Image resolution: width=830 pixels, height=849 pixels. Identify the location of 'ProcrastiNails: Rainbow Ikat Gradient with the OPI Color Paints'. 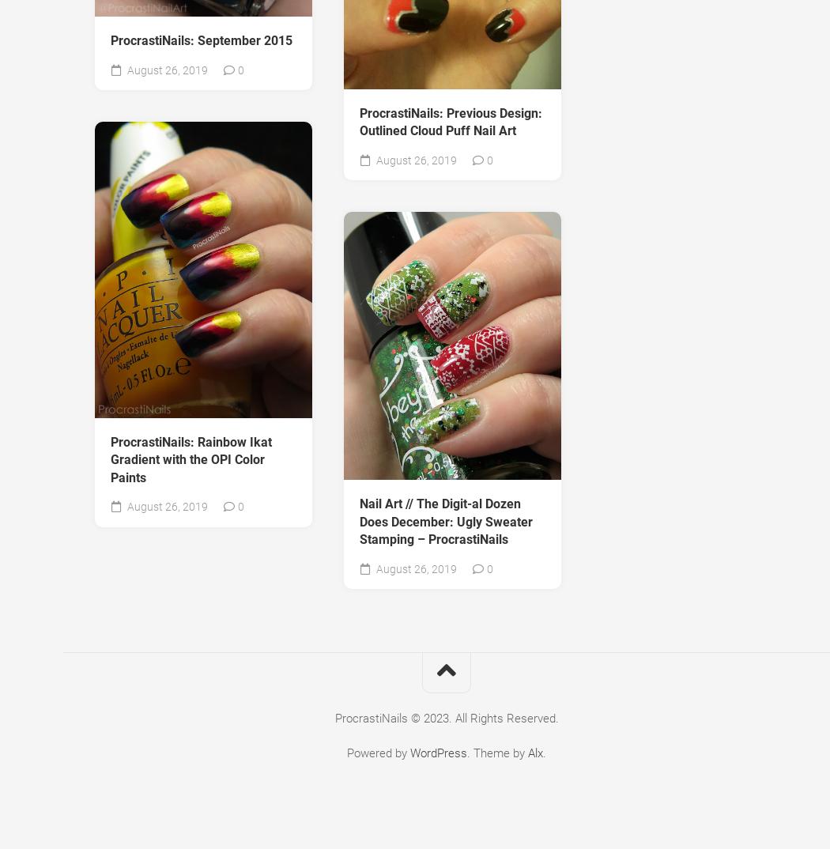
(191, 458).